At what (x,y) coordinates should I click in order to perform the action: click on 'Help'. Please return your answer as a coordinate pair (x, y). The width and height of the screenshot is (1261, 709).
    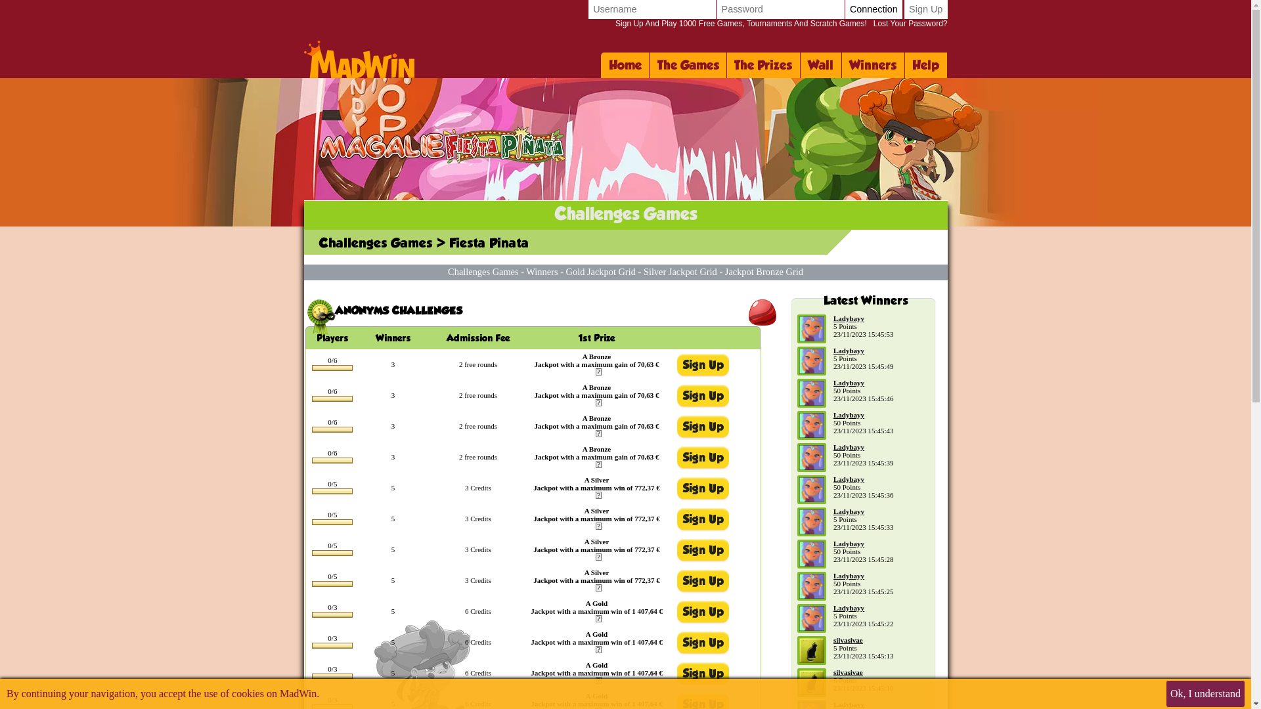
    Looking at the image, I should click on (925, 65).